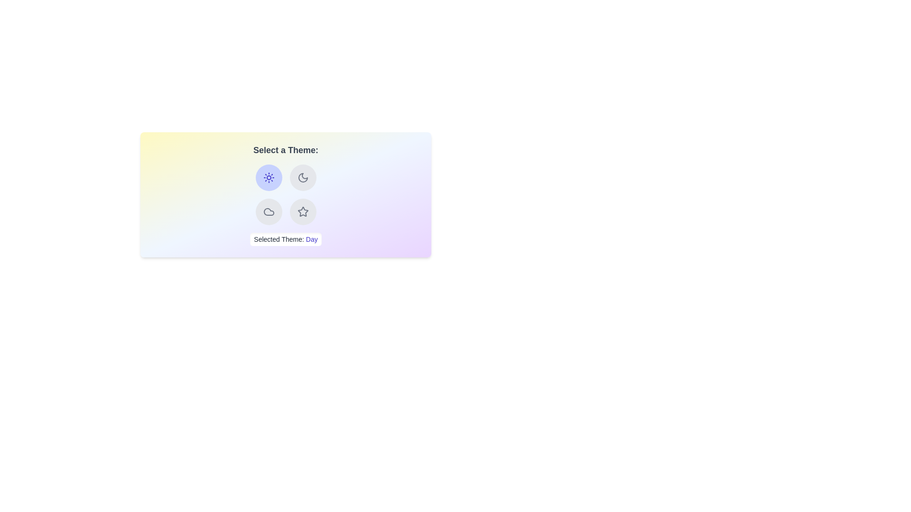 The height and width of the screenshot is (512, 911). What do you see at coordinates (268, 211) in the screenshot?
I see `the theme button Cloudy to observe the hover effect` at bounding box center [268, 211].